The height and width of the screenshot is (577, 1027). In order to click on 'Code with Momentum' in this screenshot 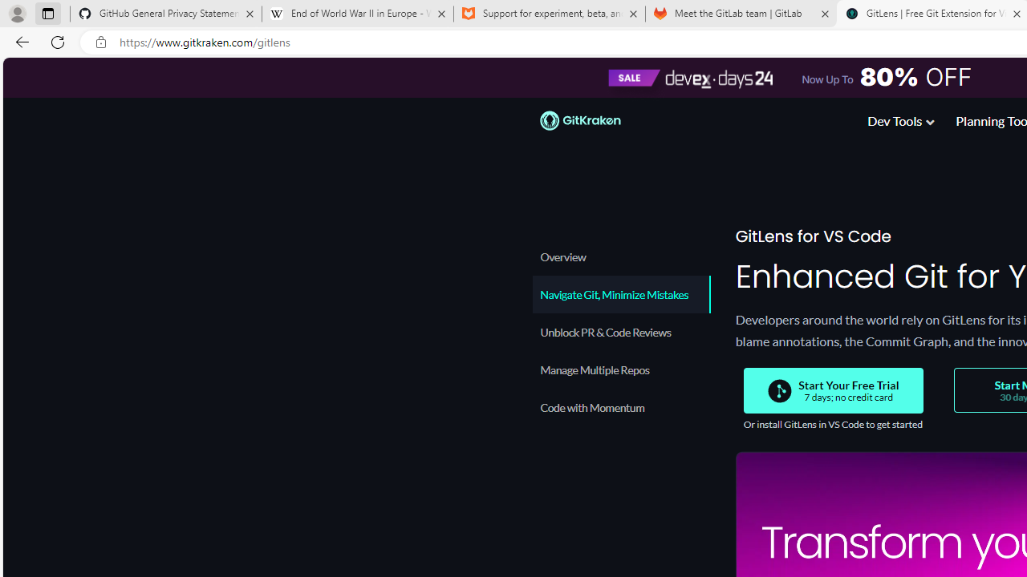, I will do `click(619, 406)`.